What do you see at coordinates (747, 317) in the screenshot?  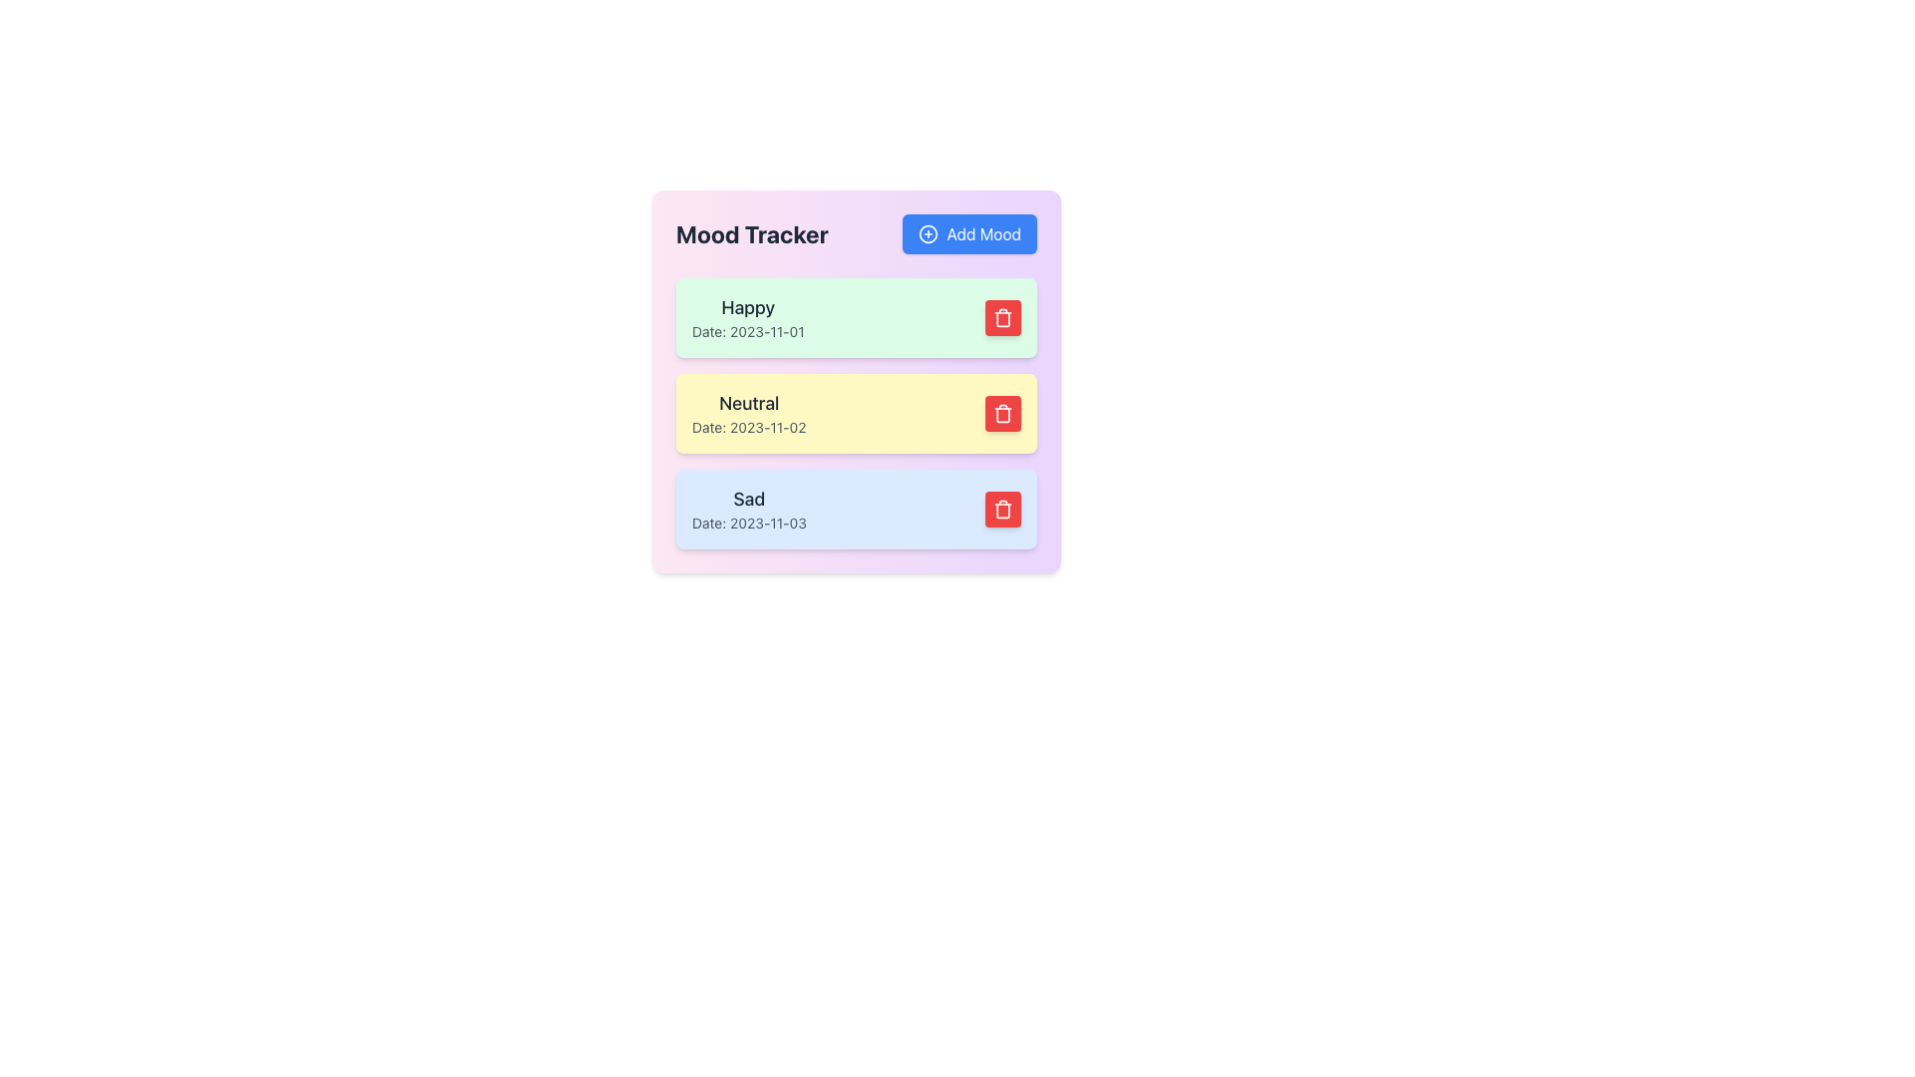 I see `the static text display that shows 'Happy' in bold and larger font, with the date '2023-11-01' below it, located in the uppermost green box of the 'Mood Tracker' interface` at bounding box center [747, 317].